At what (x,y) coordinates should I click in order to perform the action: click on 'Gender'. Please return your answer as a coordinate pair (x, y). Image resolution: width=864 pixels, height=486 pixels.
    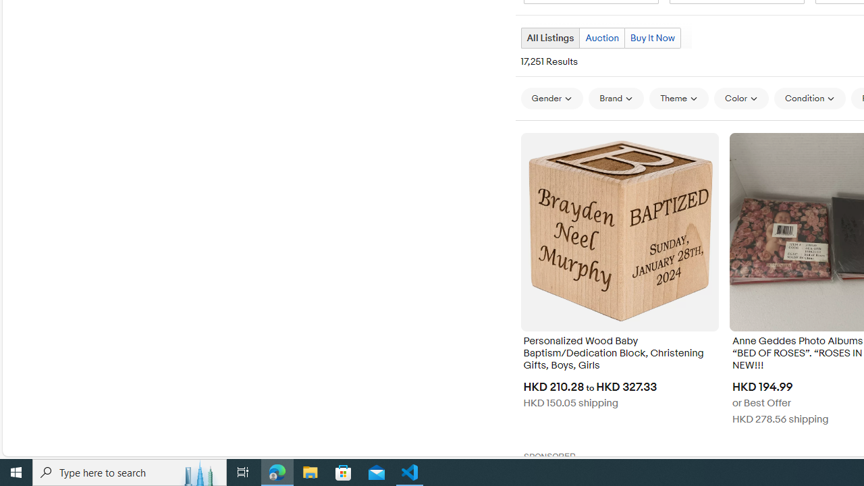
    Looking at the image, I should click on (551, 98).